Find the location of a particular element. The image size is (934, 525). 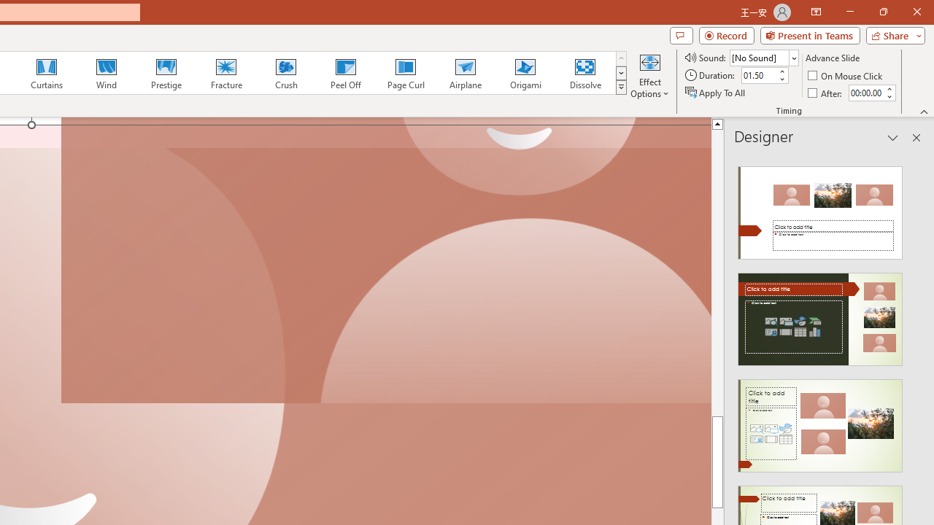

'Page Curl' is located at coordinates (405, 73).